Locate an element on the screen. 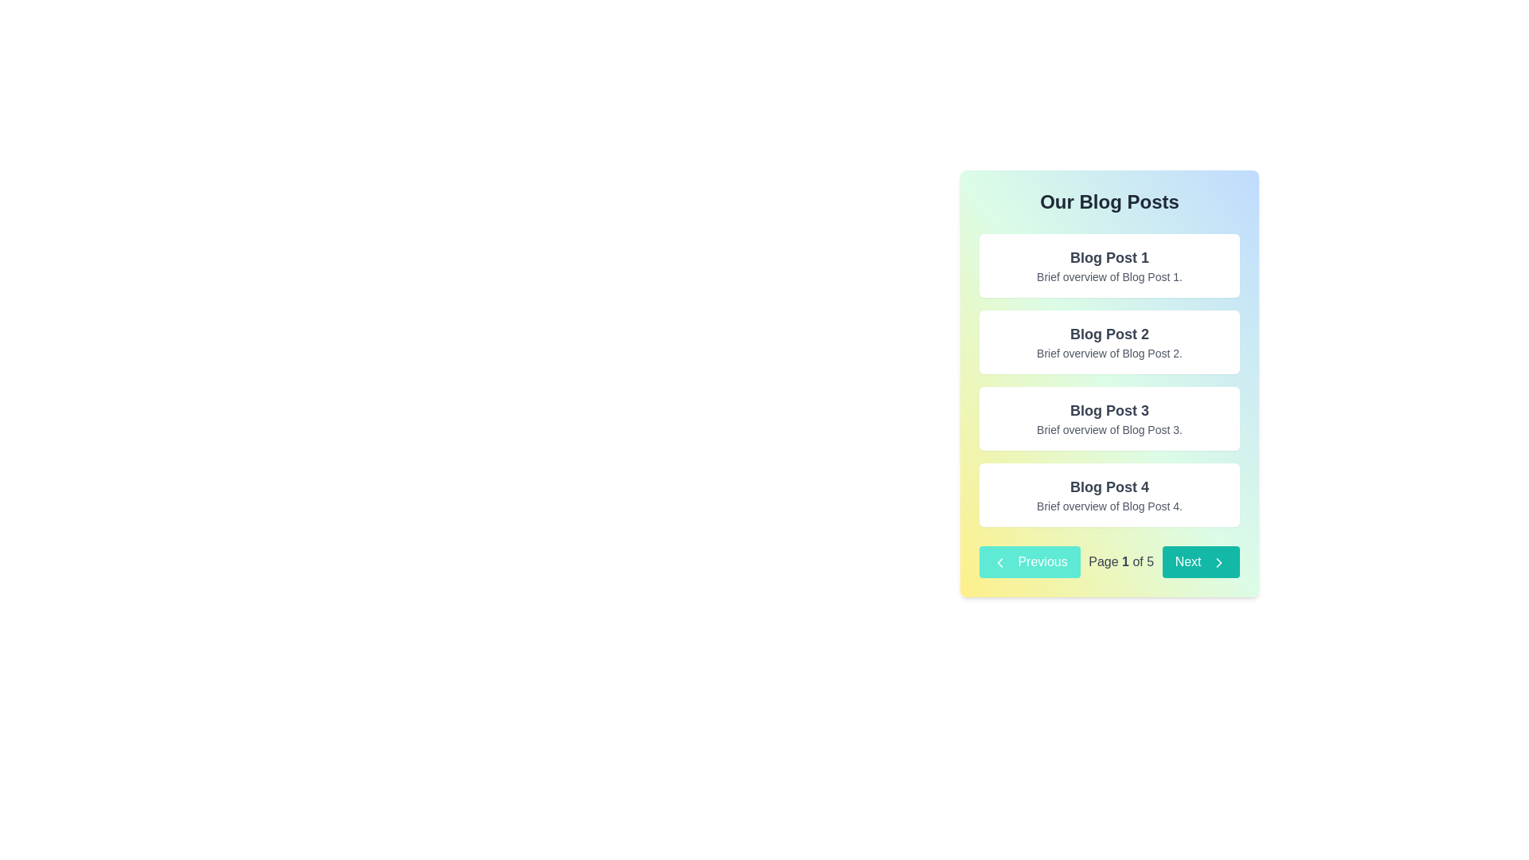 The width and height of the screenshot is (1529, 860). the prominent heading text element labeled 'Blog Post 2', which is styled in bold and large font, located centrally in the second blog post card is located at coordinates (1109, 334).